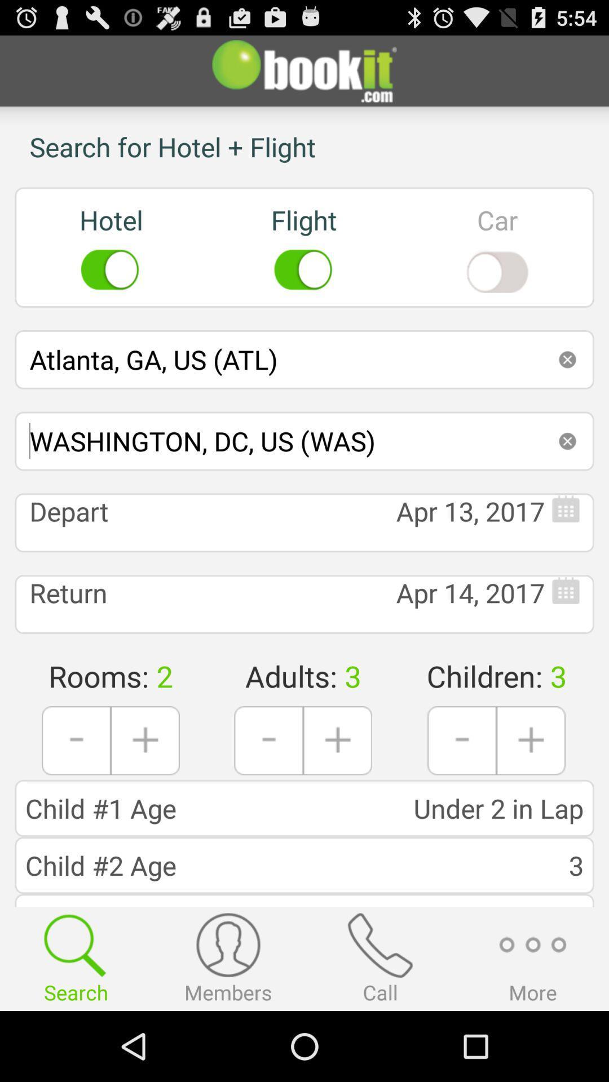  I want to click on the add icon, so click(531, 792).